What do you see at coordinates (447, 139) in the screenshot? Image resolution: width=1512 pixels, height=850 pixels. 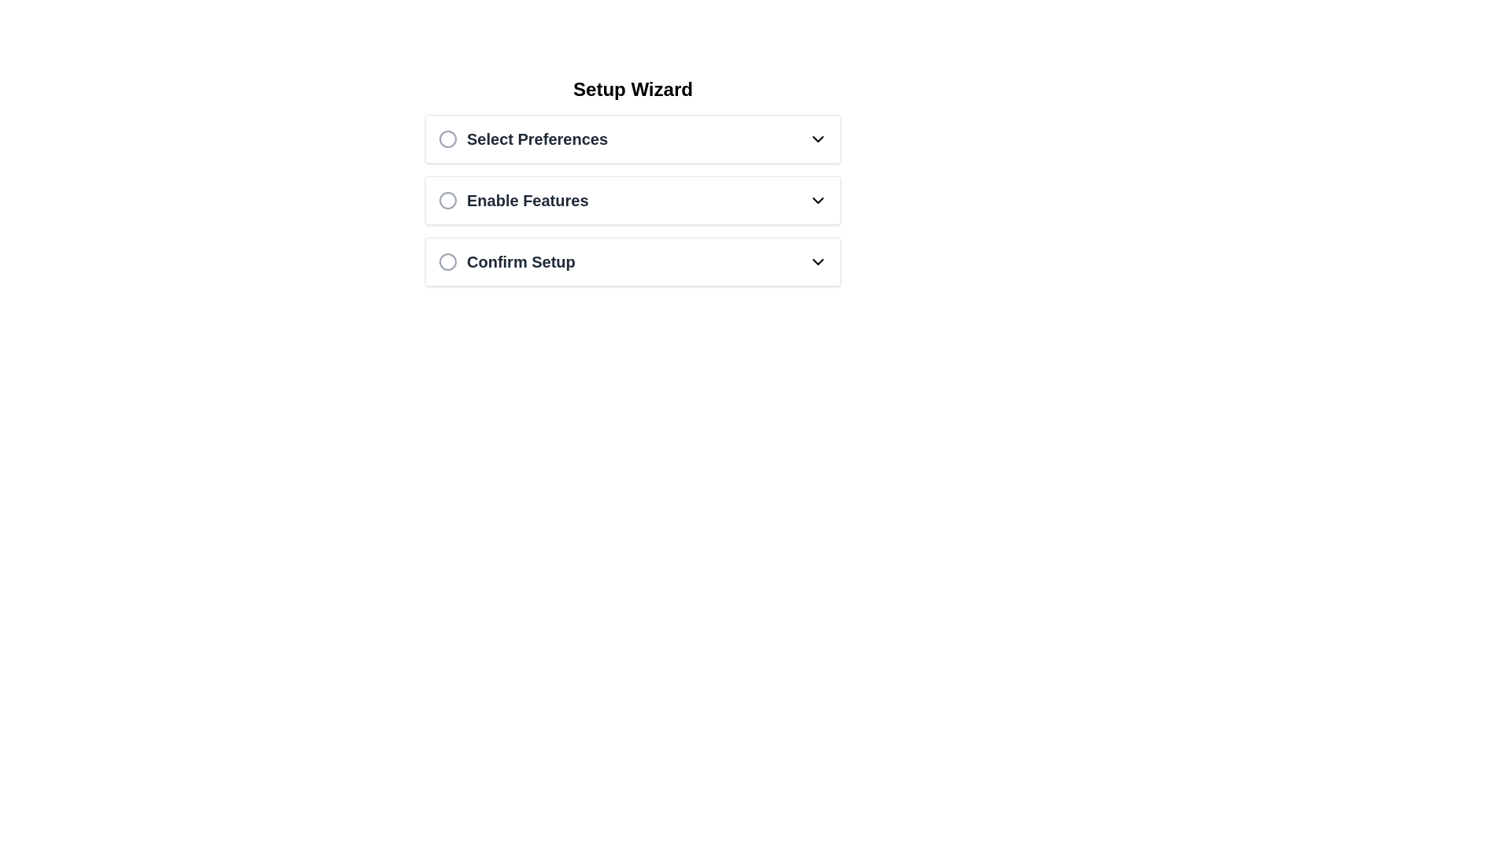 I see `the circular graphical icon located to the left of the text 'Select Preferences', which is the first item in the vertical alignment of similar elements` at bounding box center [447, 139].